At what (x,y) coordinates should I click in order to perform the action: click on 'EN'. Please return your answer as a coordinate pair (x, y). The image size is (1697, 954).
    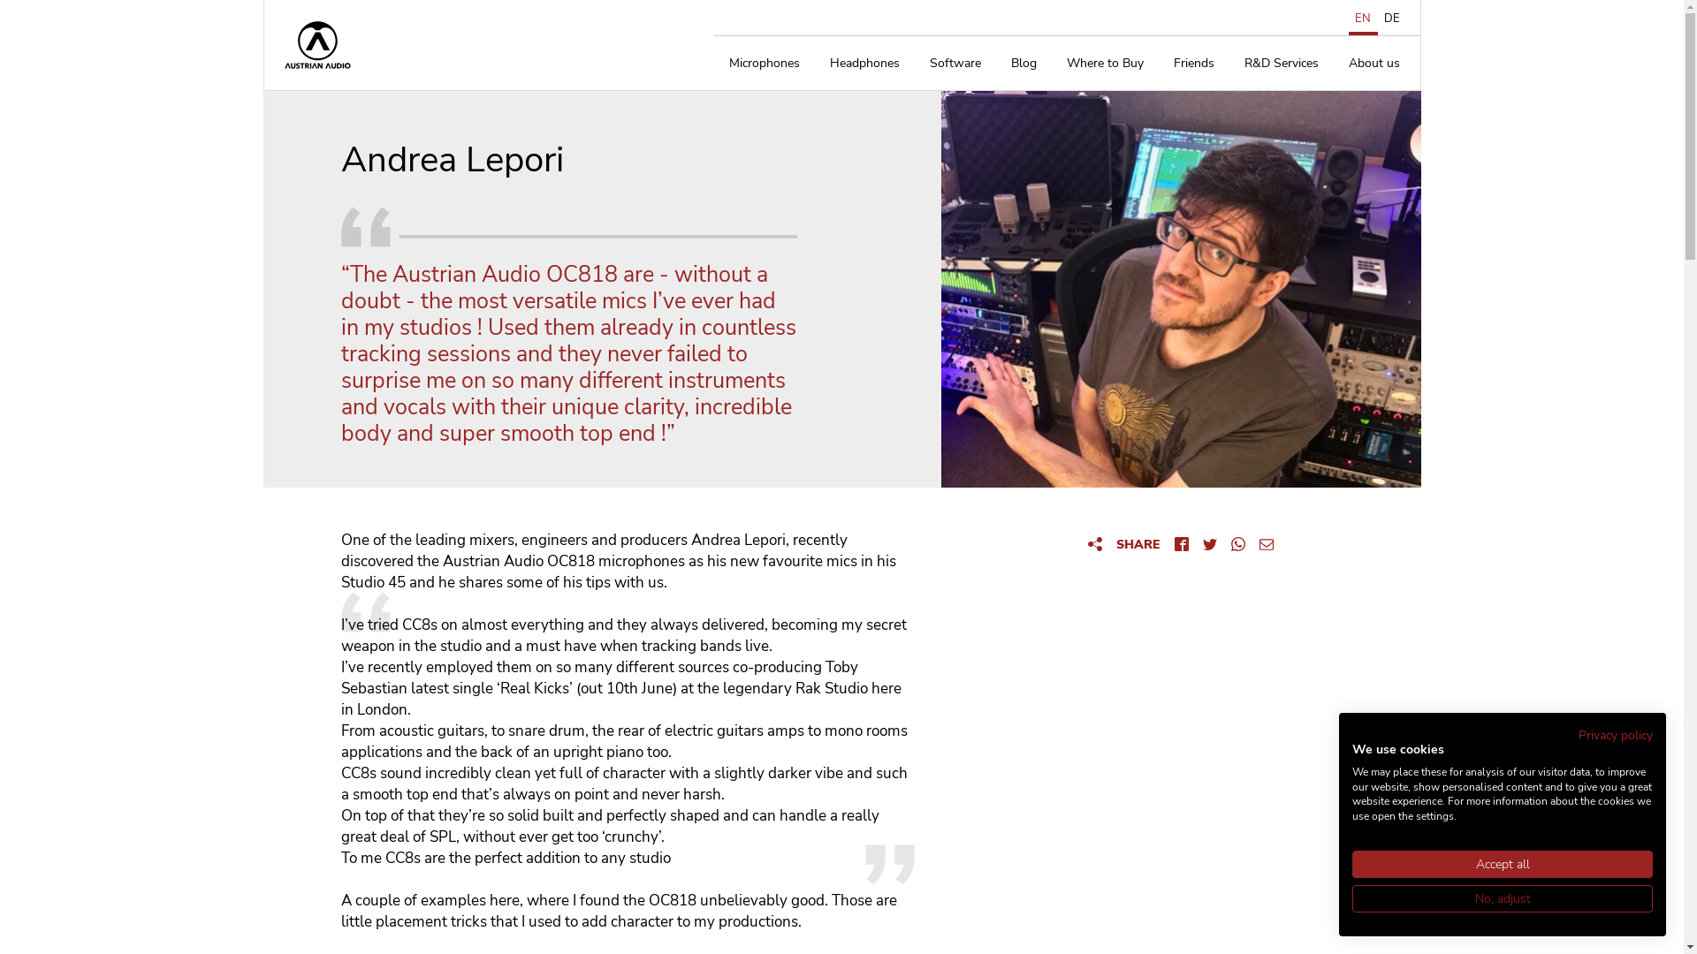
    Looking at the image, I should click on (1348, 18).